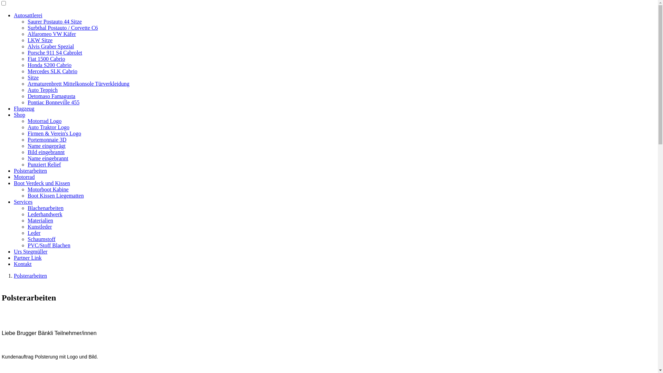 The width and height of the screenshot is (663, 373). Describe the element at coordinates (49, 245) in the screenshot. I see `'PVC/Stoff Blachen'` at that location.